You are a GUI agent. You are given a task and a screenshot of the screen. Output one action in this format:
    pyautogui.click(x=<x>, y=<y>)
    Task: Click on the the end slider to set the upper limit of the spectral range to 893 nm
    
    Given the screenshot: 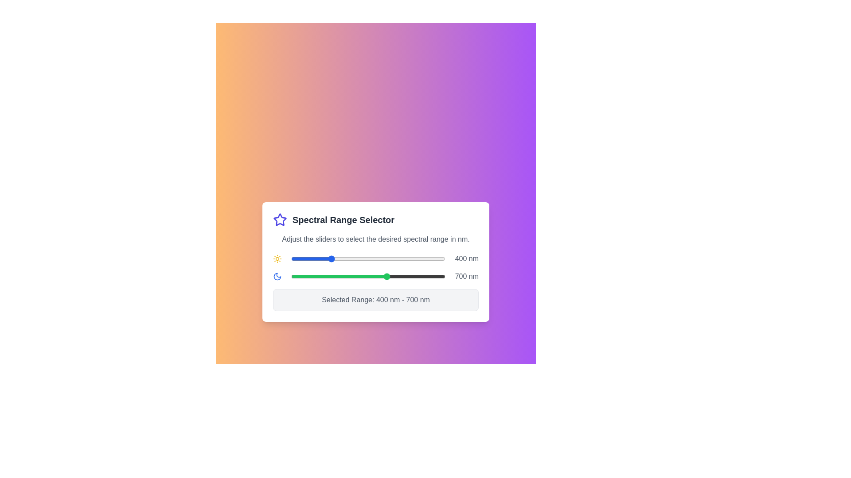 What is the action you would take?
    pyautogui.click(x=424, y=276)
    